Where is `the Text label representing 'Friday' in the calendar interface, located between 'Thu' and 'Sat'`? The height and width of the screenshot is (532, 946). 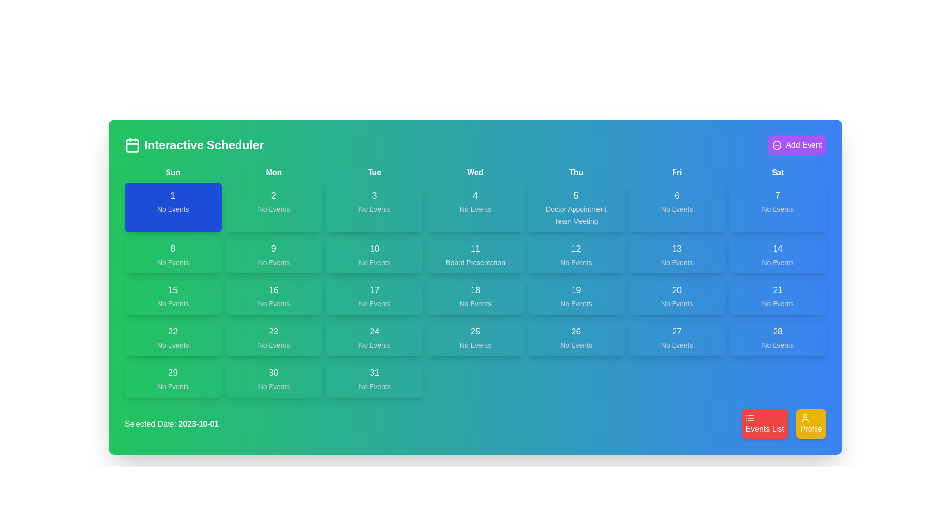 the Text label representing 'Friday' in the calendar interface, located between 'Thu' and 'Sat' is located at coordinates (676, 172).